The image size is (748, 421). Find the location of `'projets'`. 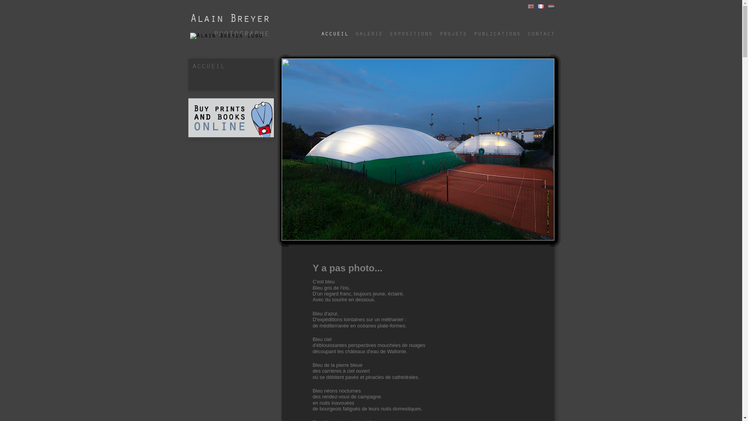

'projets' is located at coordinates (453, 30).